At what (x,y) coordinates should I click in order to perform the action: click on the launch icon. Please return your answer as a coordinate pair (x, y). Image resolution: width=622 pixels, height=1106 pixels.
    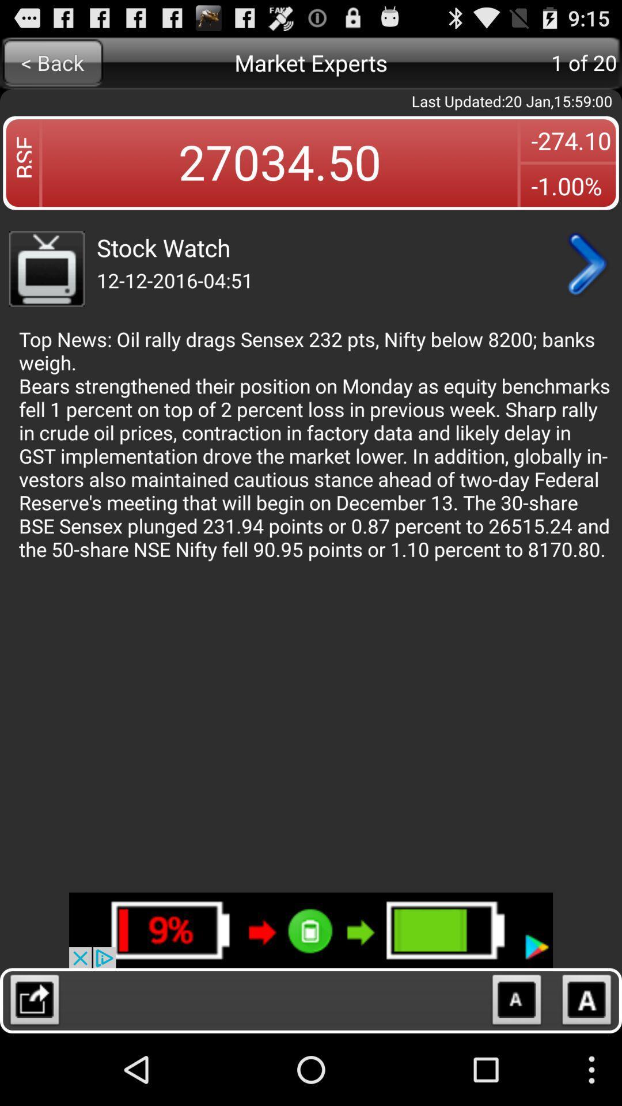
    Looking at the image, I should click on (34, 1073).